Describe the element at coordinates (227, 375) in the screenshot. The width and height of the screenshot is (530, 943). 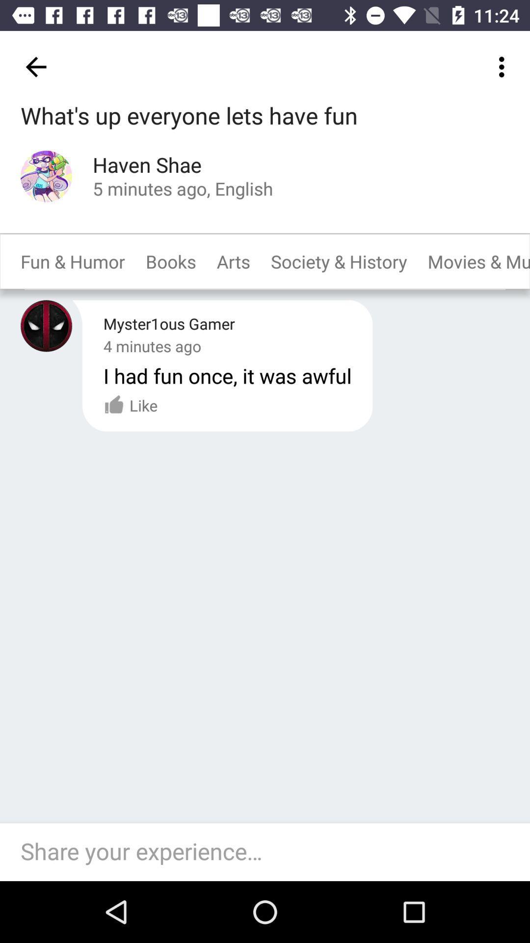
I see `the i had fun` at that location.